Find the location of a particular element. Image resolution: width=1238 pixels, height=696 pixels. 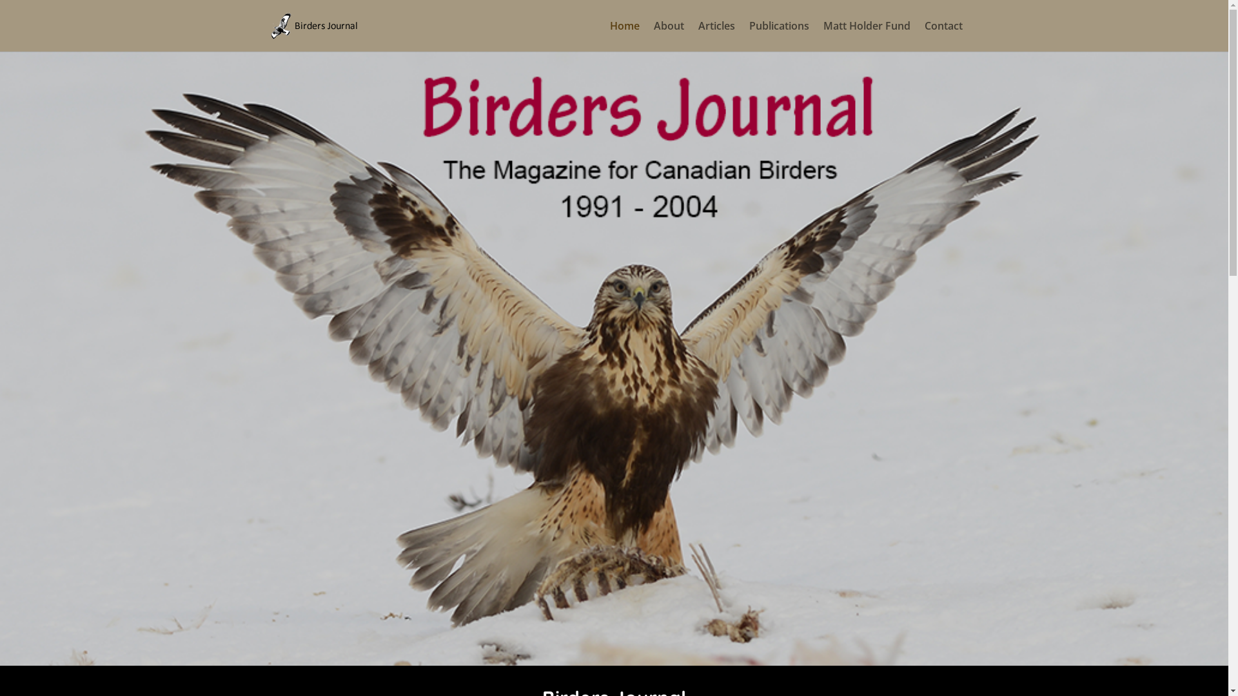

'Contact' is located at coordinates (943, 35).